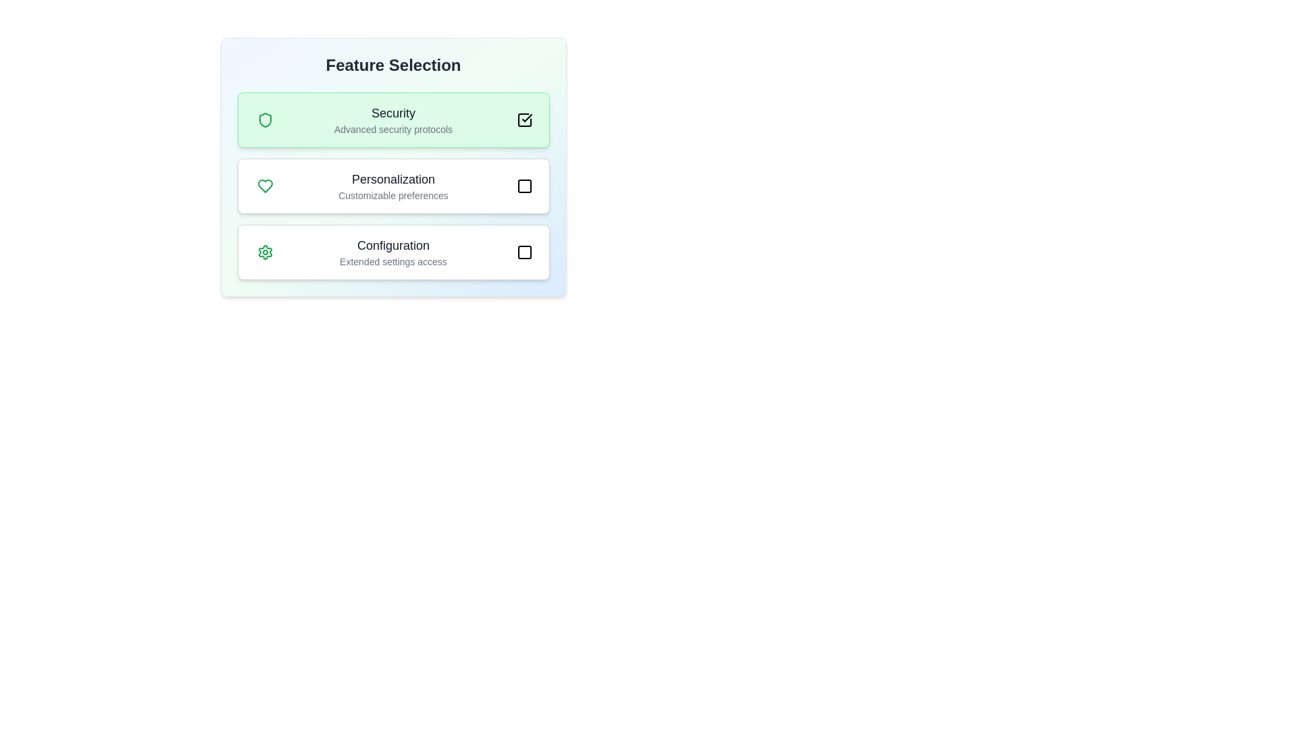  Describe the element at coordinates (265, 186) in the screenshot. I see `the heart-shaped icon representing the 'Personalization' feature, which is positioned to the left of the label text 'Personalization' in the displayed list` at that location.